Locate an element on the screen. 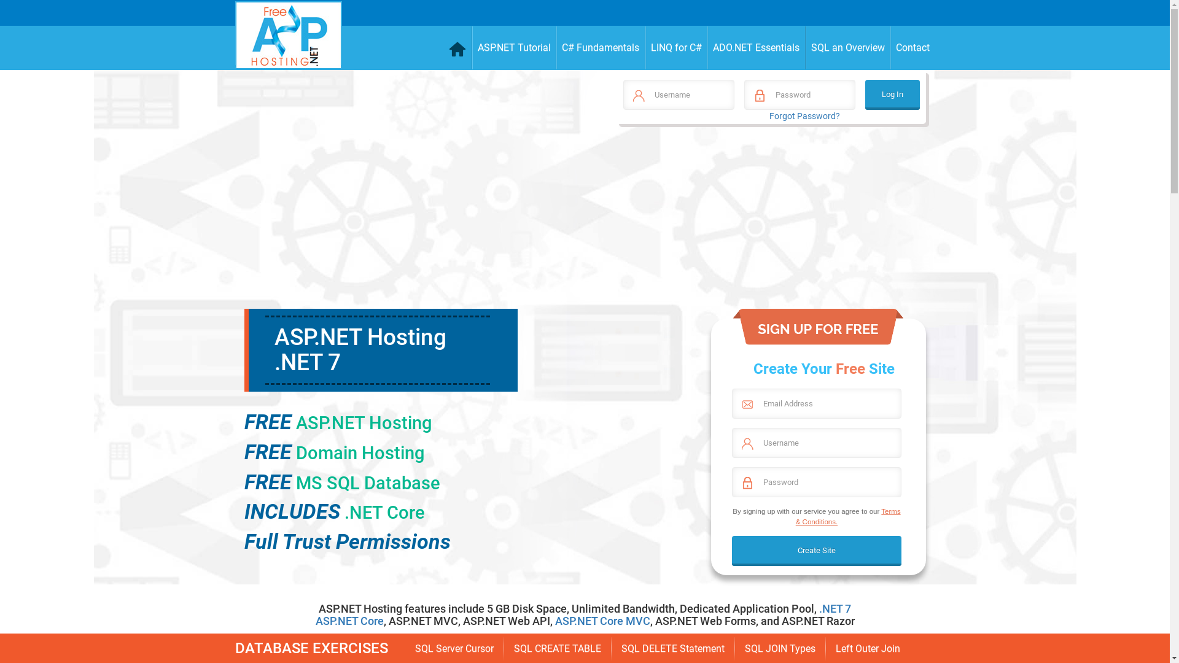  'SQL an Overview' is located at coordinates (847, 47).